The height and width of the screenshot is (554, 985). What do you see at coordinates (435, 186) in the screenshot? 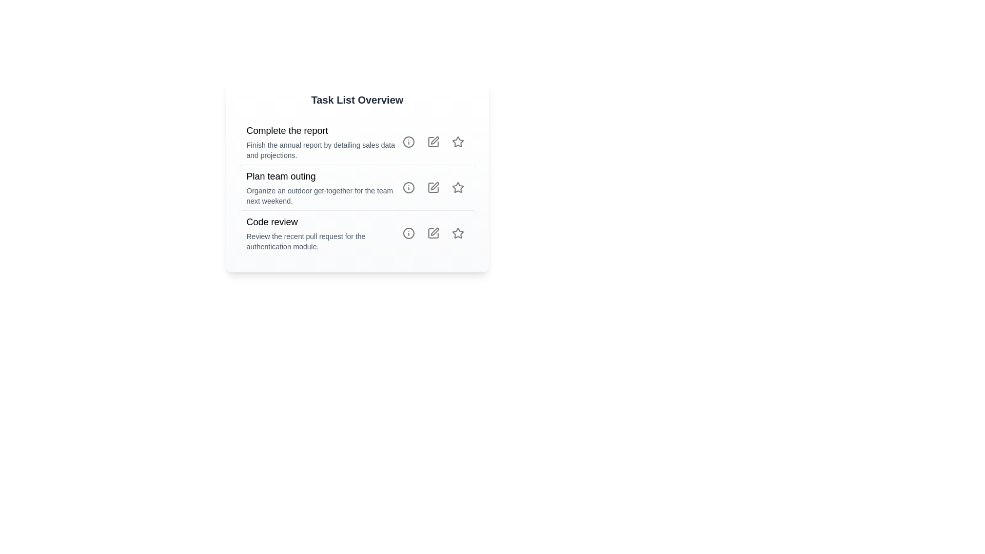
I see `the pencil icon in the editing tool section for the task 'Plan team outing'` at bounding box center [435, 186].